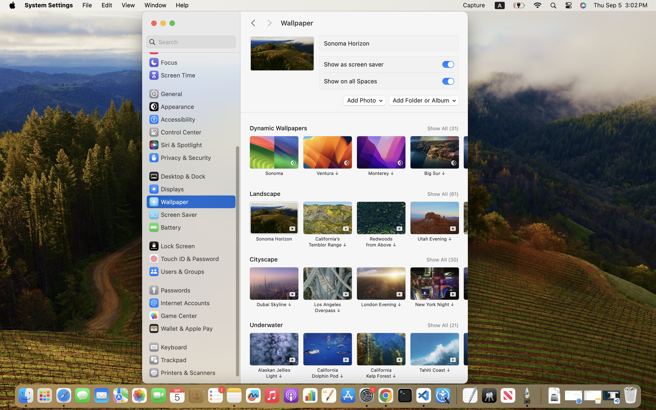 This screenshot has height=410, width=656. I want to click on 'Sound', so click(163, 49).